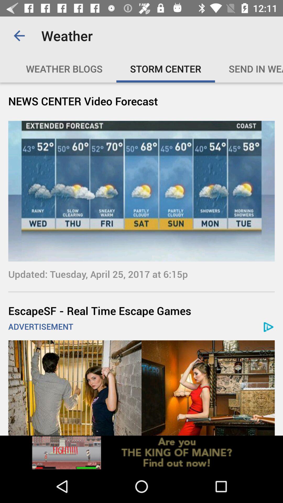 This screenshot has height=503, width=283. What do you see at coordinates (141, 388) in the screenshot?
I see `advertisement` at bounding box center [141, 388].